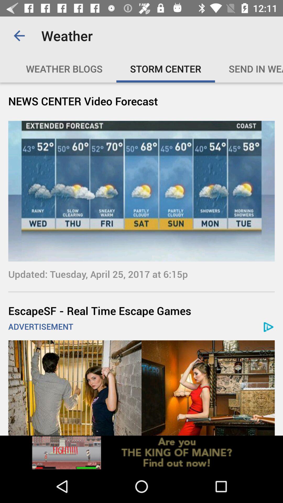 This screenshot has height=503, width=283. What do you see at coordinates (141, 388) in the screenshot?
I see `advertisement` at bounding box center [141, 388].